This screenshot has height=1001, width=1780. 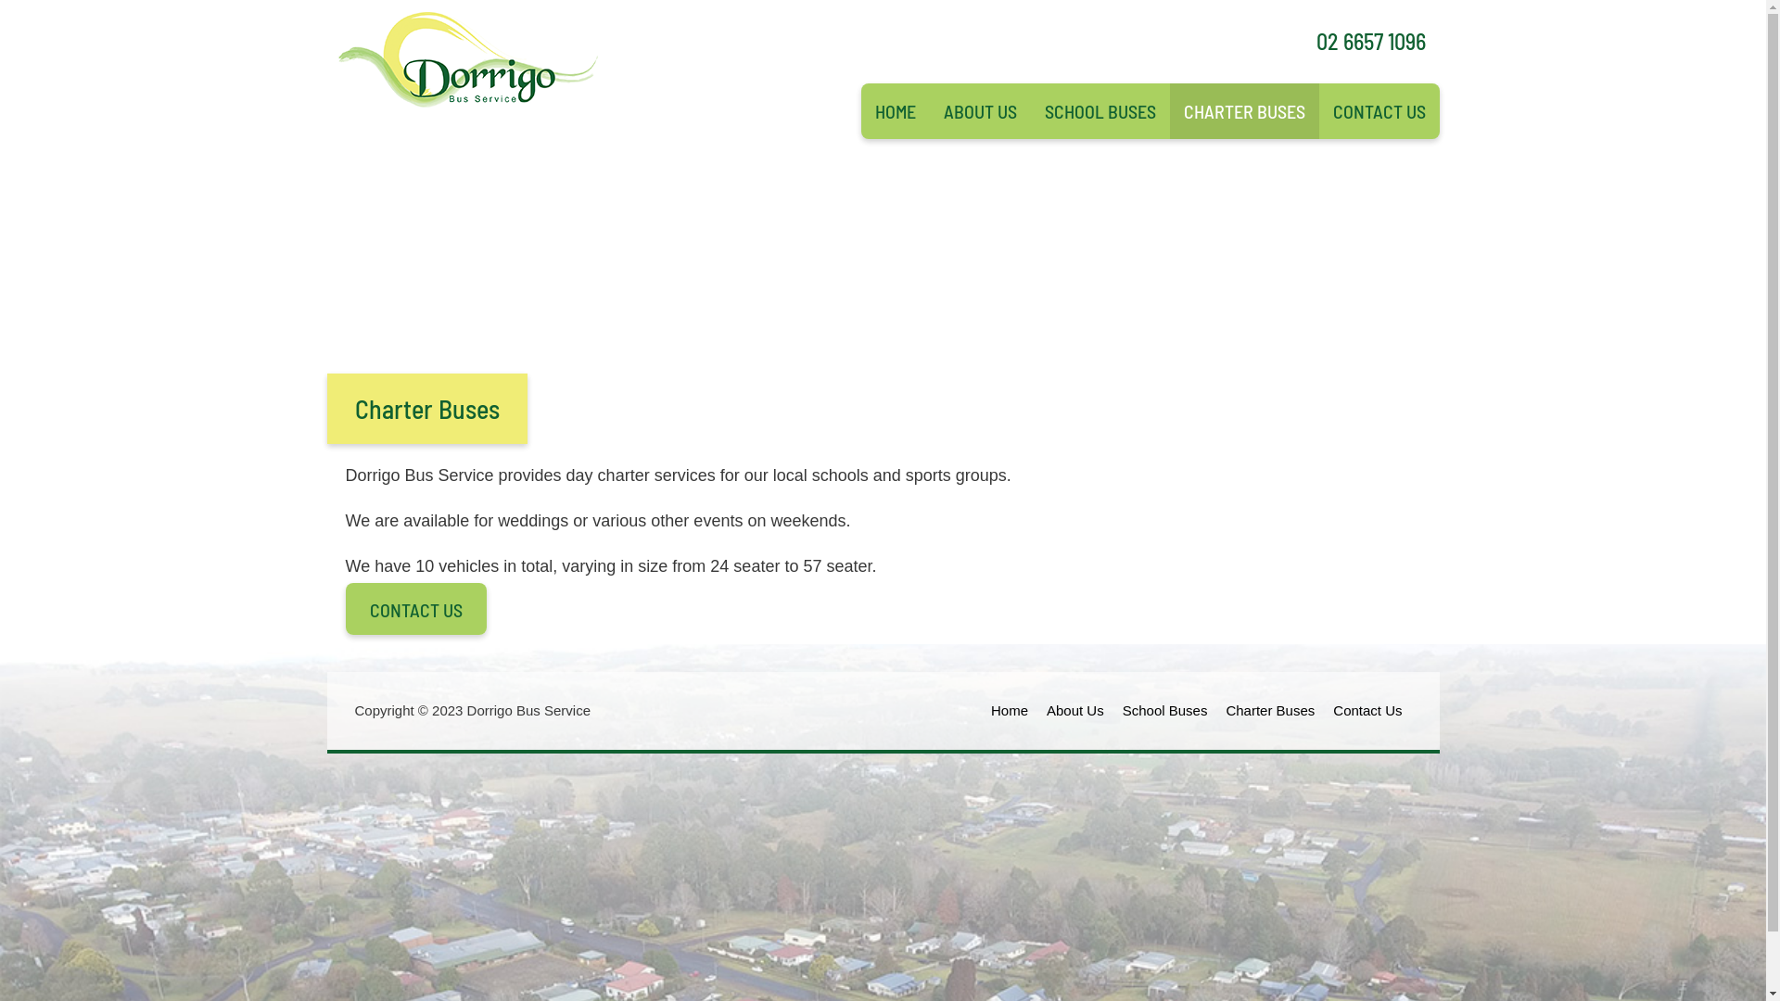 What do you see at coordinates (1112, 710) in the screenshot?
I see `'School Buses'` at bounding box center [1112, 710].